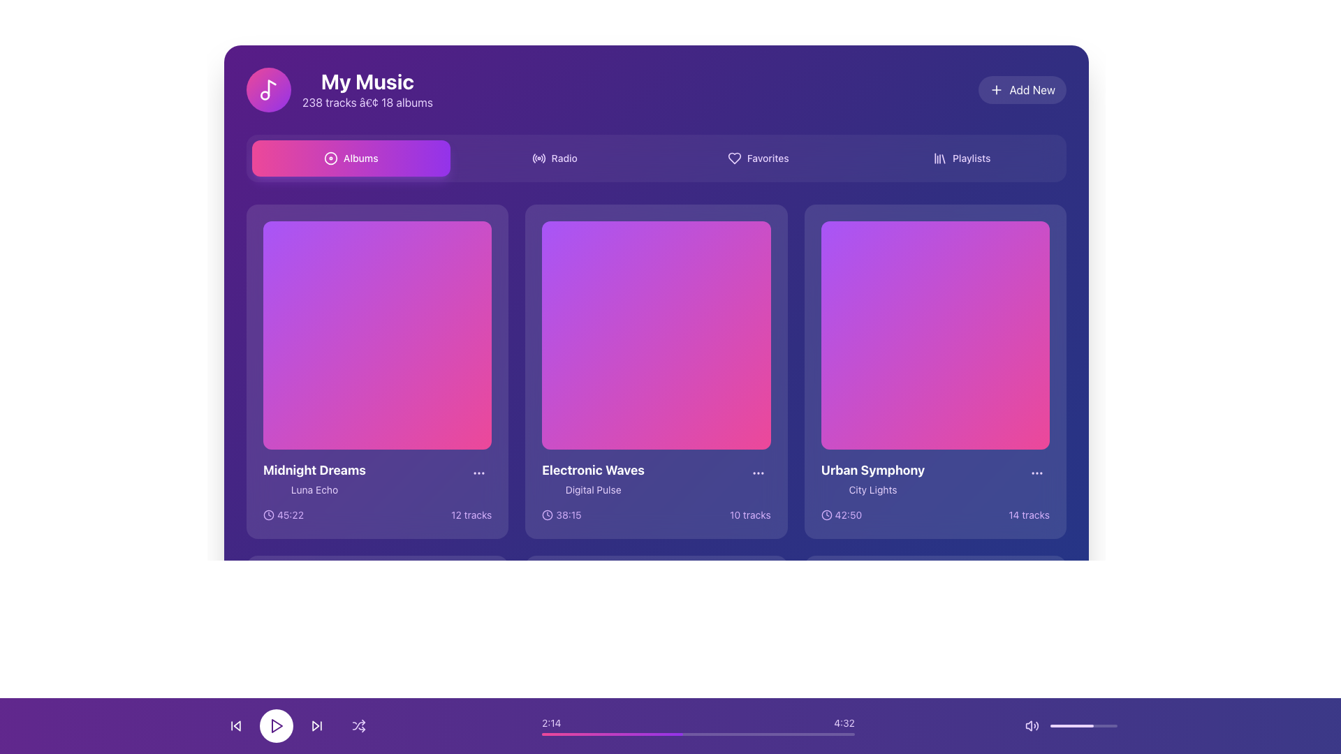 The image size is (1341, 754). Describe the element at coordinates (1109, 725) in the screenshot. I see `volume` at that location.